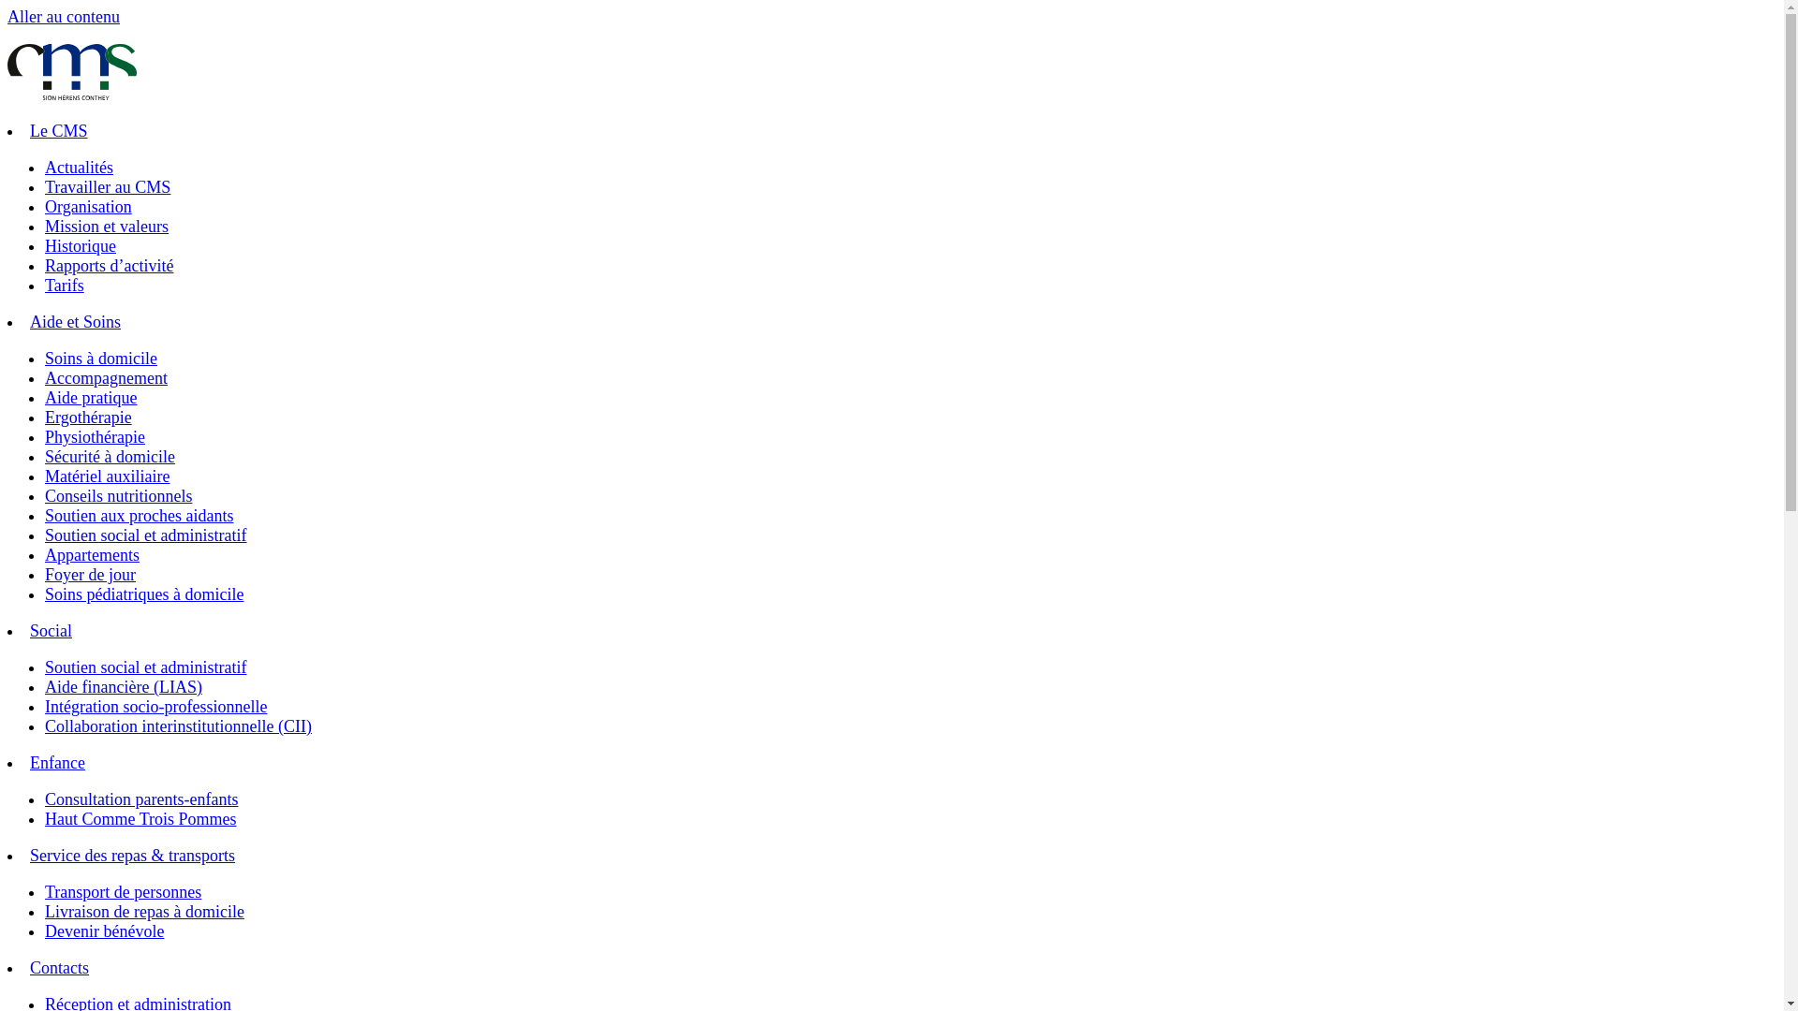 This screenshot has width=1798, height=1011. What do you see at coordinates (59, 967) in the screenshot?
I see `'Contacts'` at bounding box center [59, 967].